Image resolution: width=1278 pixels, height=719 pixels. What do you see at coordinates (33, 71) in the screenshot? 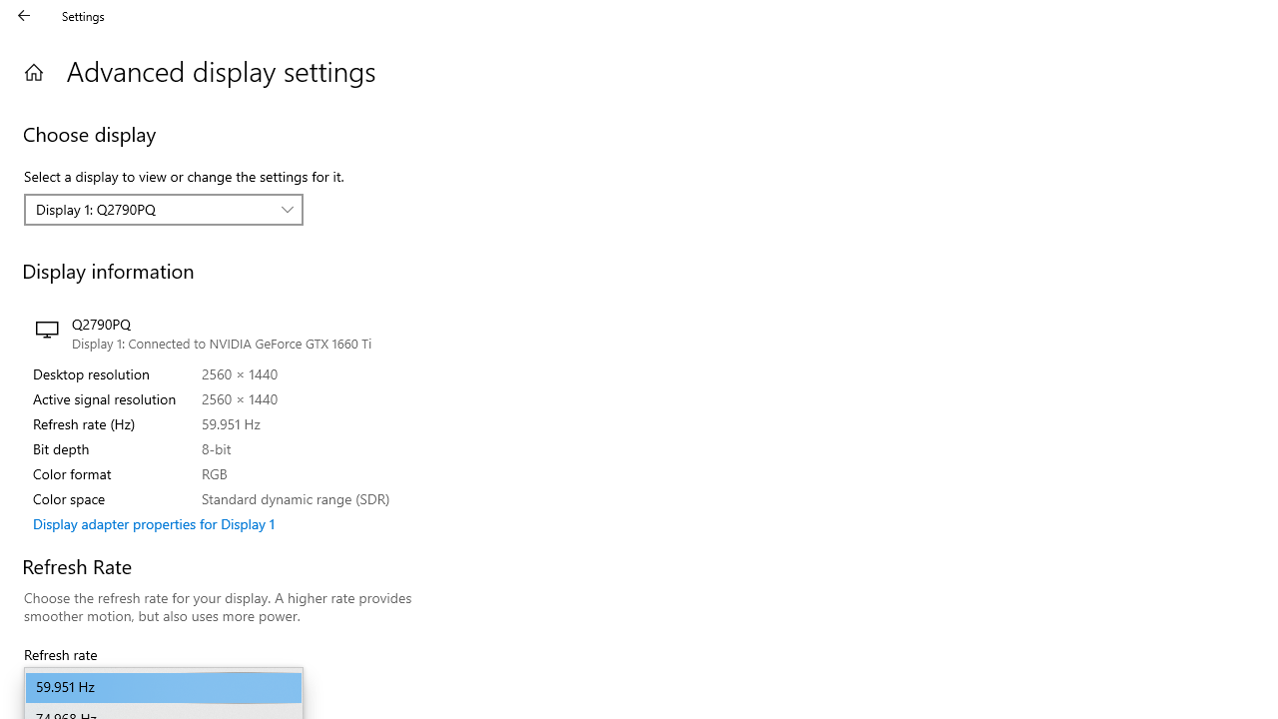
I see `'Home'` at bounding box center [33, 71].